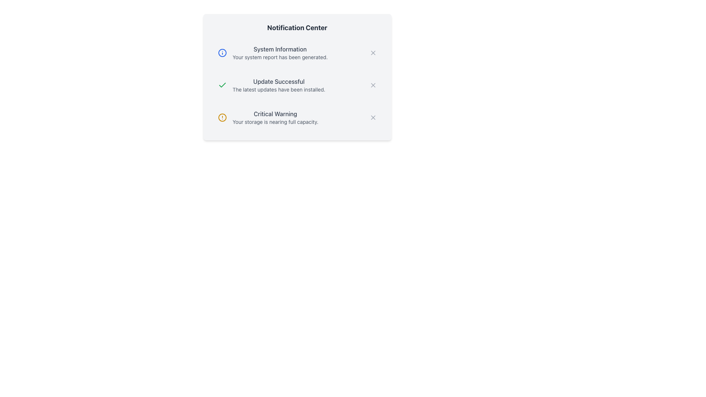 This screenshot has width=706, height=397. I want to click on the Text Label that indicates the update process has been completed successfully, located directly below the 'Update Successful' text element, so click(278, 89).